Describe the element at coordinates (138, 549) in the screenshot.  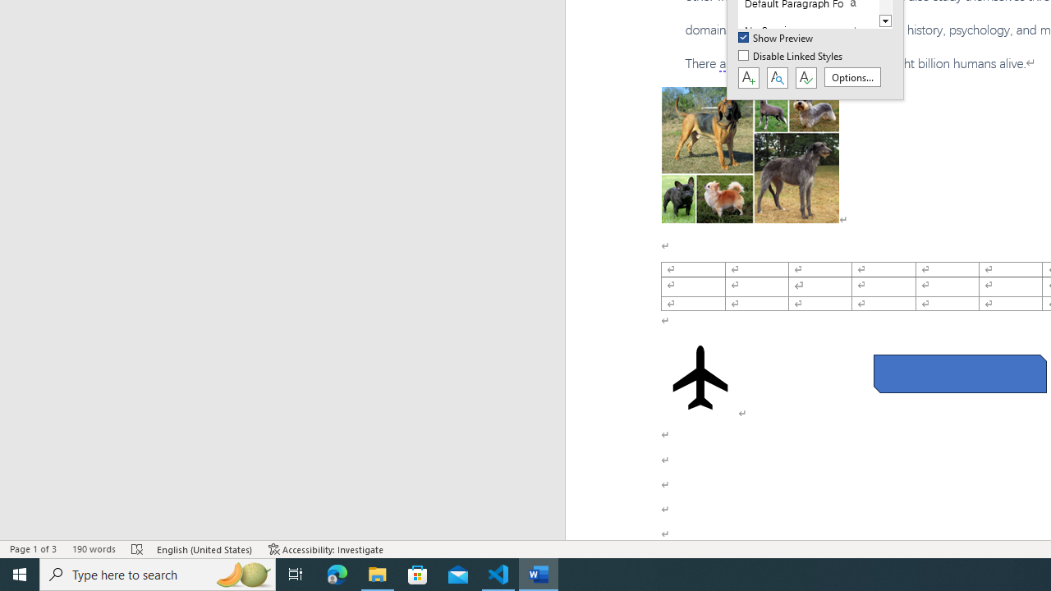
I see `'Spelling and Grammar Check Errors'` at that location.